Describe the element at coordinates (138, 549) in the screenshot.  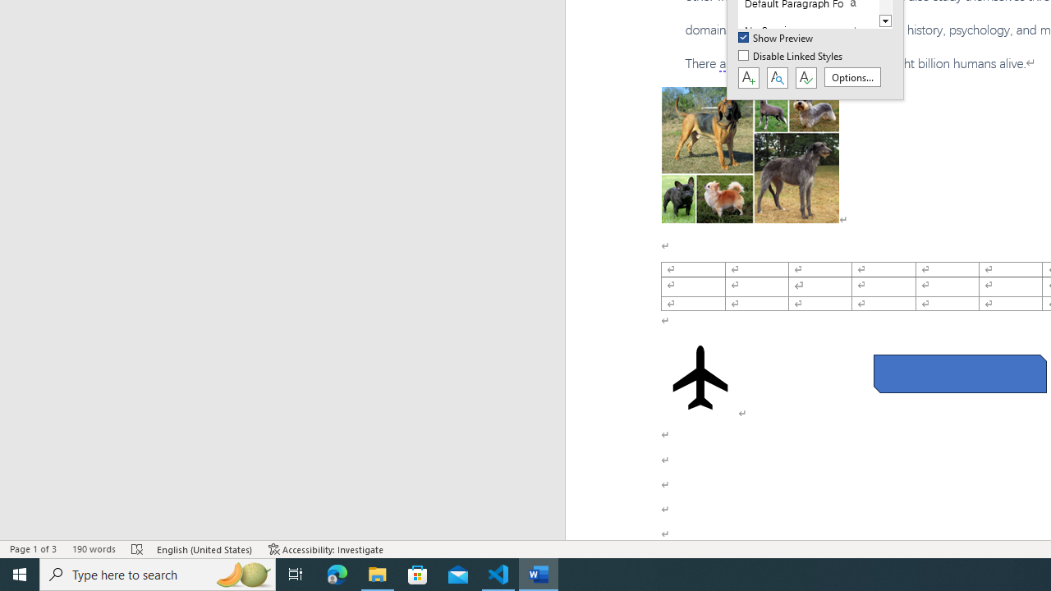
I see `'Spelling and Grammar Check Errors'` at that location.